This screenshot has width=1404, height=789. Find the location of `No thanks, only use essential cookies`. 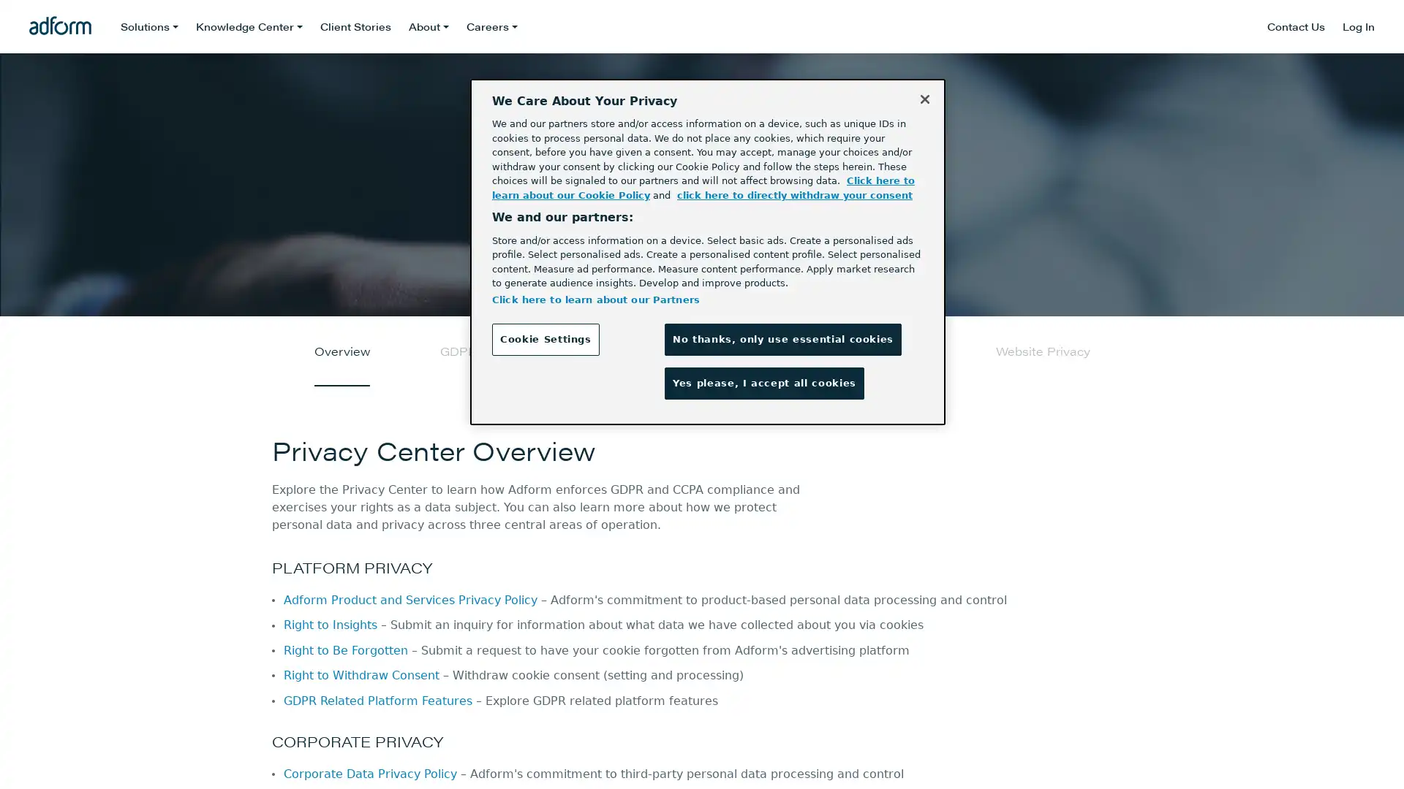

No thanks, only use essential cookies is located at coordinates (782, 339).